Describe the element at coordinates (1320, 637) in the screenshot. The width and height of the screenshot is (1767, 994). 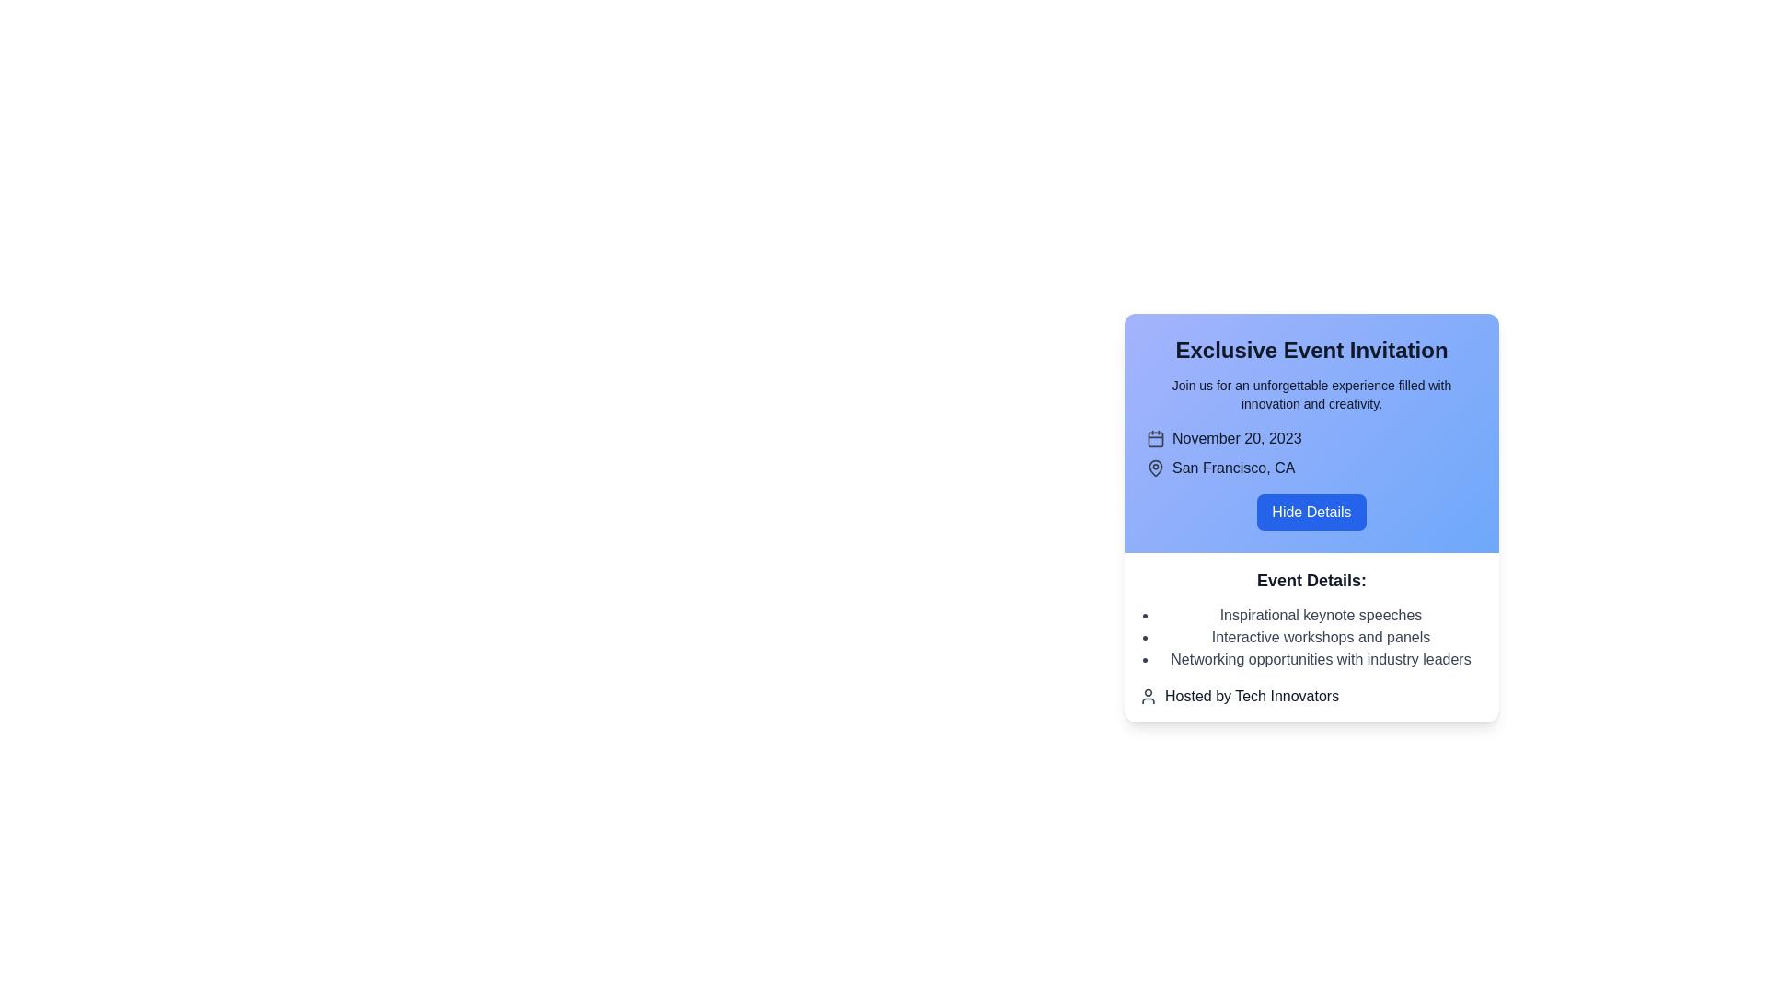
I see `text of the second item in the bulleted list displayed in gray text color on a white background, located below the 'Event Details:' header` at that location.